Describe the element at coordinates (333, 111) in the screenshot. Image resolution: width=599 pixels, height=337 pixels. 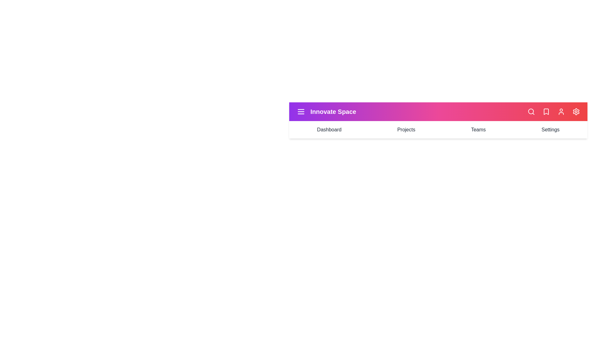
I see `the 'Innovate Space' text in the app bar` at that location.